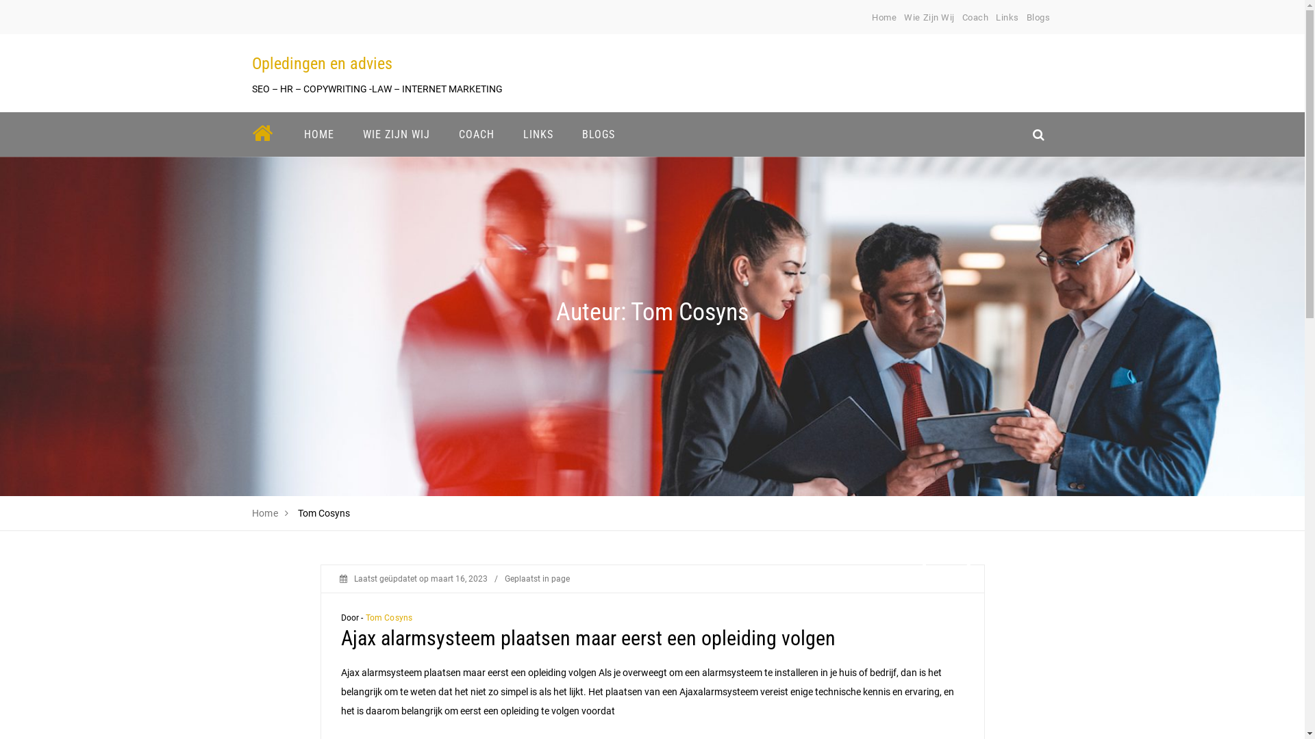 This screenshot has height=739, width=1315. Describe the element at coordinates (1007, 17) in the screenshot. I see `'Links'` at that location.